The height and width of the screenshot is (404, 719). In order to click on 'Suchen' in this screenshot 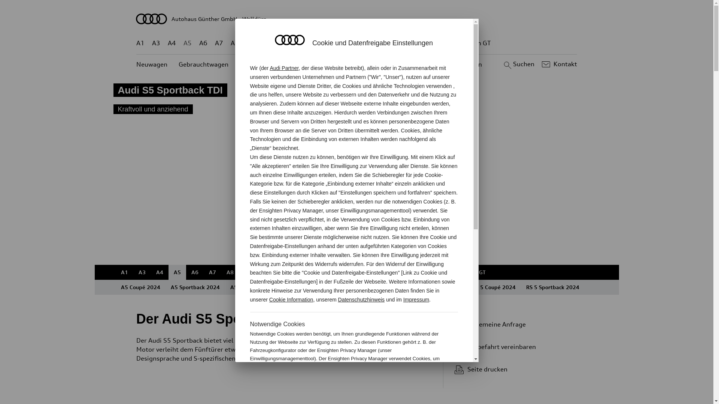, I will do `click(518, 64)`.